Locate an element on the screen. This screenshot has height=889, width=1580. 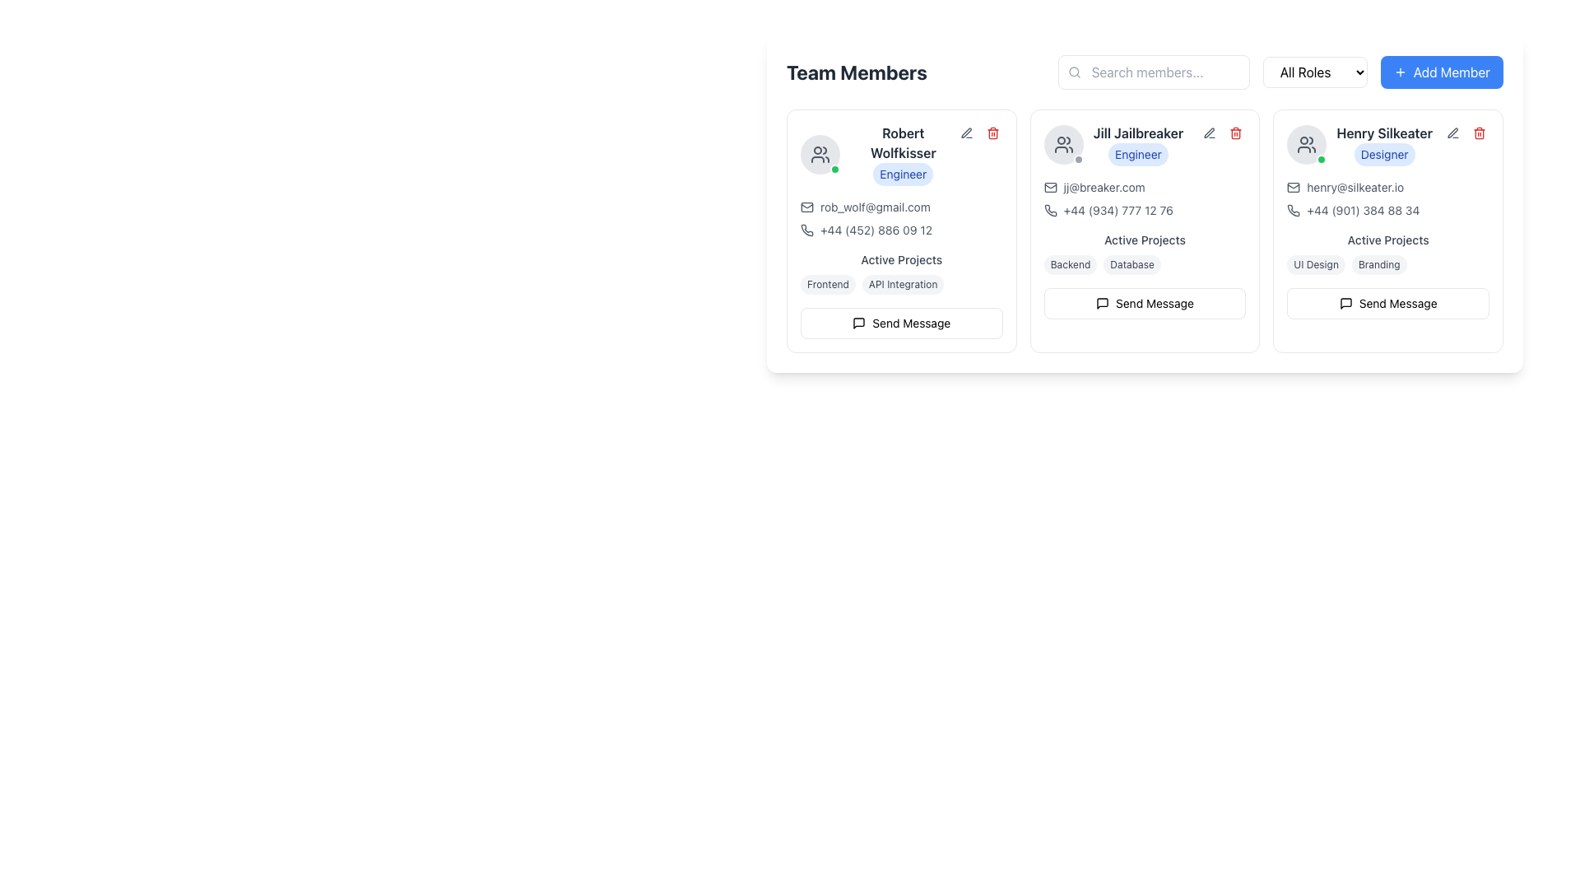
the phone icon for 'Robert Wolfkisser', located below the username and next to the email icon in the contact details section is located at coordinates (807, 230).